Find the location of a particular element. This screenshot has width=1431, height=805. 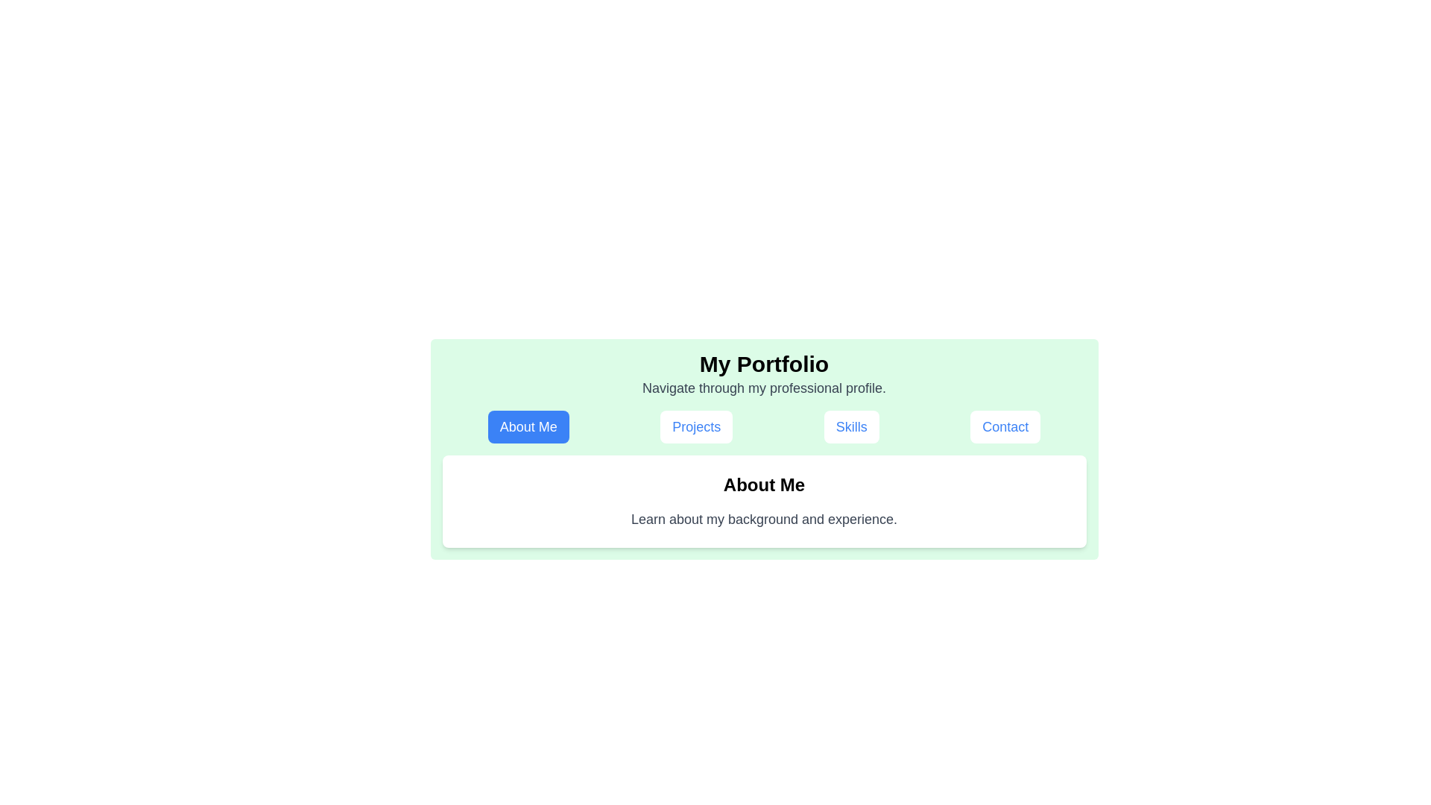

the tab labeled Skills to observe its hover effect is located at coordinates (851, 427).